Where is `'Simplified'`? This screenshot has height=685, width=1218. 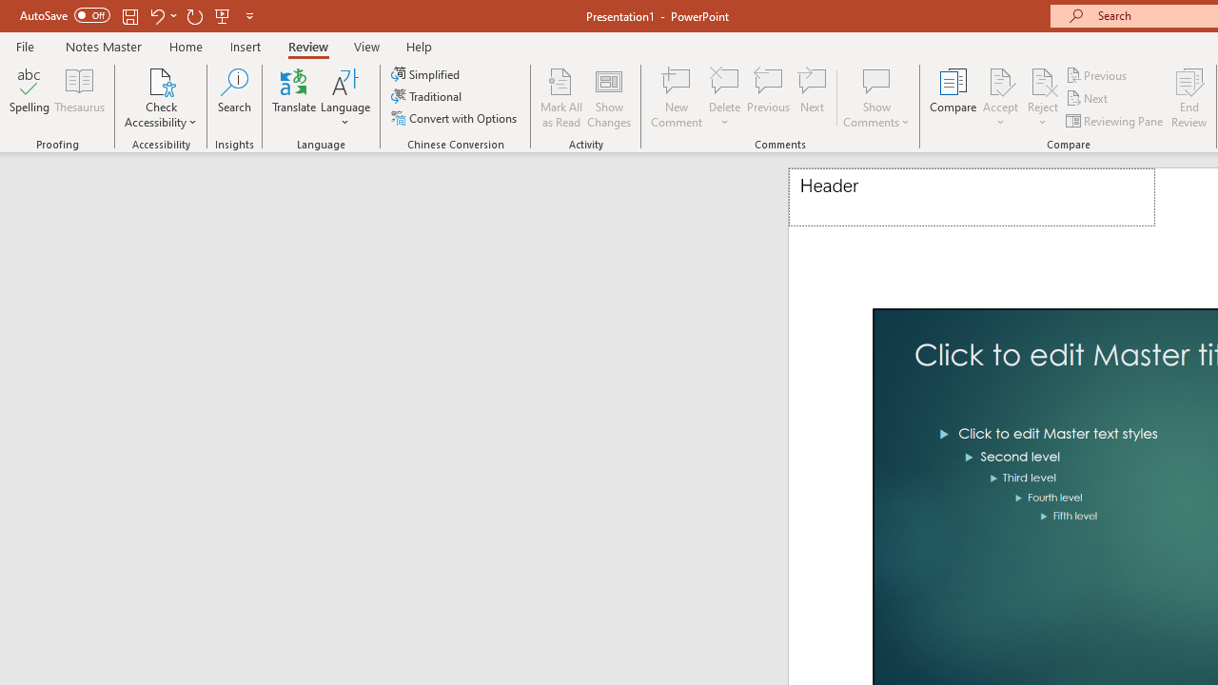 'Simplified' is located at coordinates (426, 73).